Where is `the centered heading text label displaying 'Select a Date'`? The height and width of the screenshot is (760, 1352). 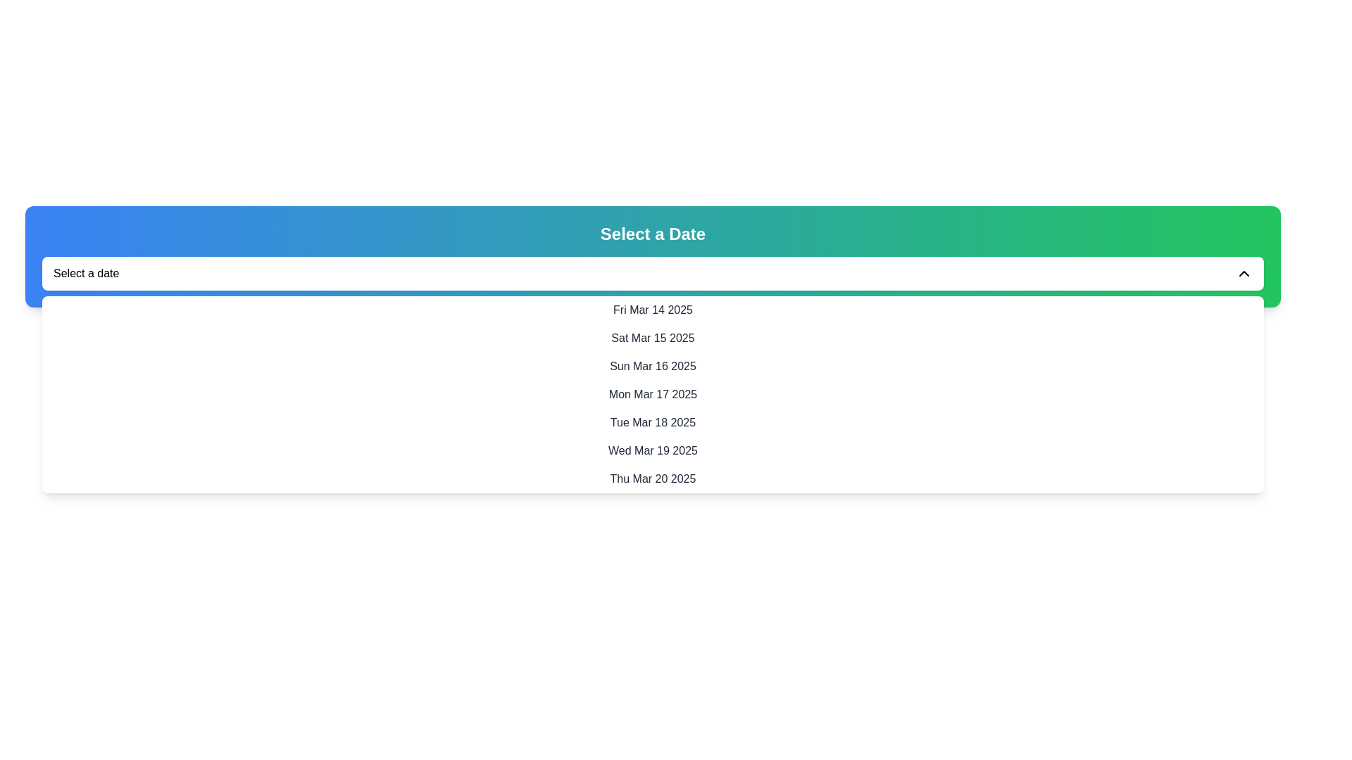
the centered heading text label displaying 'Select a Date' is located at coordinates (652, 233).